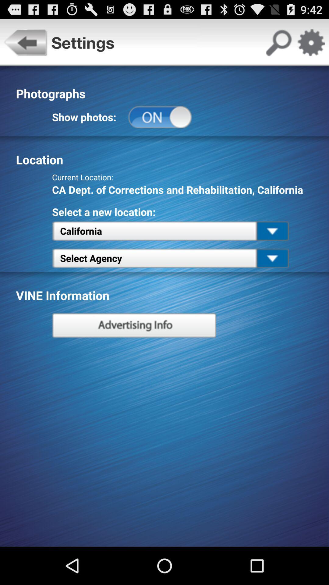  I want to click on the search icon, so click(278, 45).